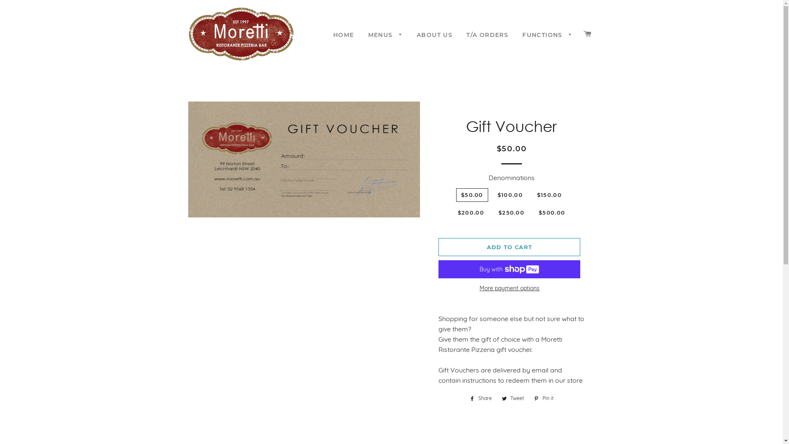 This screenshot has width=789, height=444. What do you see at coordinates (512, 398) in the screenshot?
I see `'Tweet` at bounding box center [512, 398].